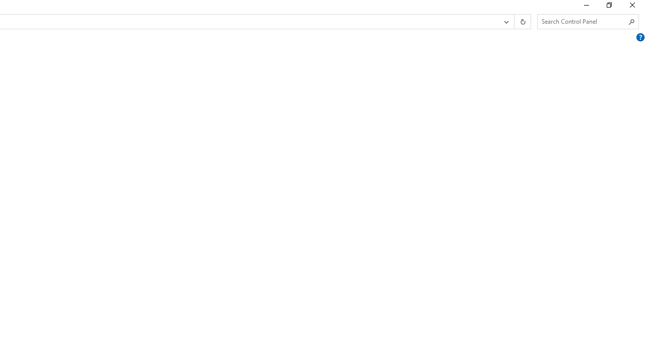 Image resolution: width=645 pixels, height=363 pixels. Describe the element at coordinates (586, 8) in the screenshot. I see `'Minimize'` at that location.